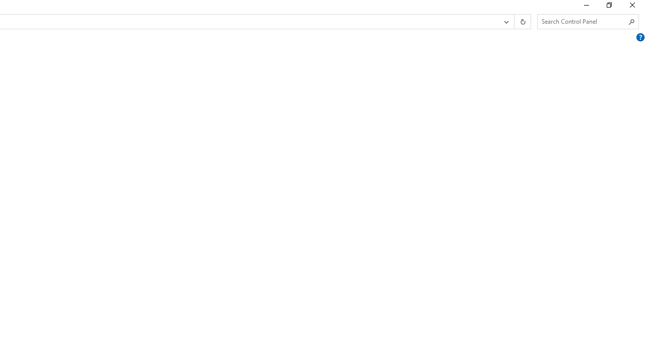 Image resolution: width=645 pixels, height=363 pixels. Describe the element at coordinates (586, 8) in the screenshot. I see `'Minimize'` at that location.